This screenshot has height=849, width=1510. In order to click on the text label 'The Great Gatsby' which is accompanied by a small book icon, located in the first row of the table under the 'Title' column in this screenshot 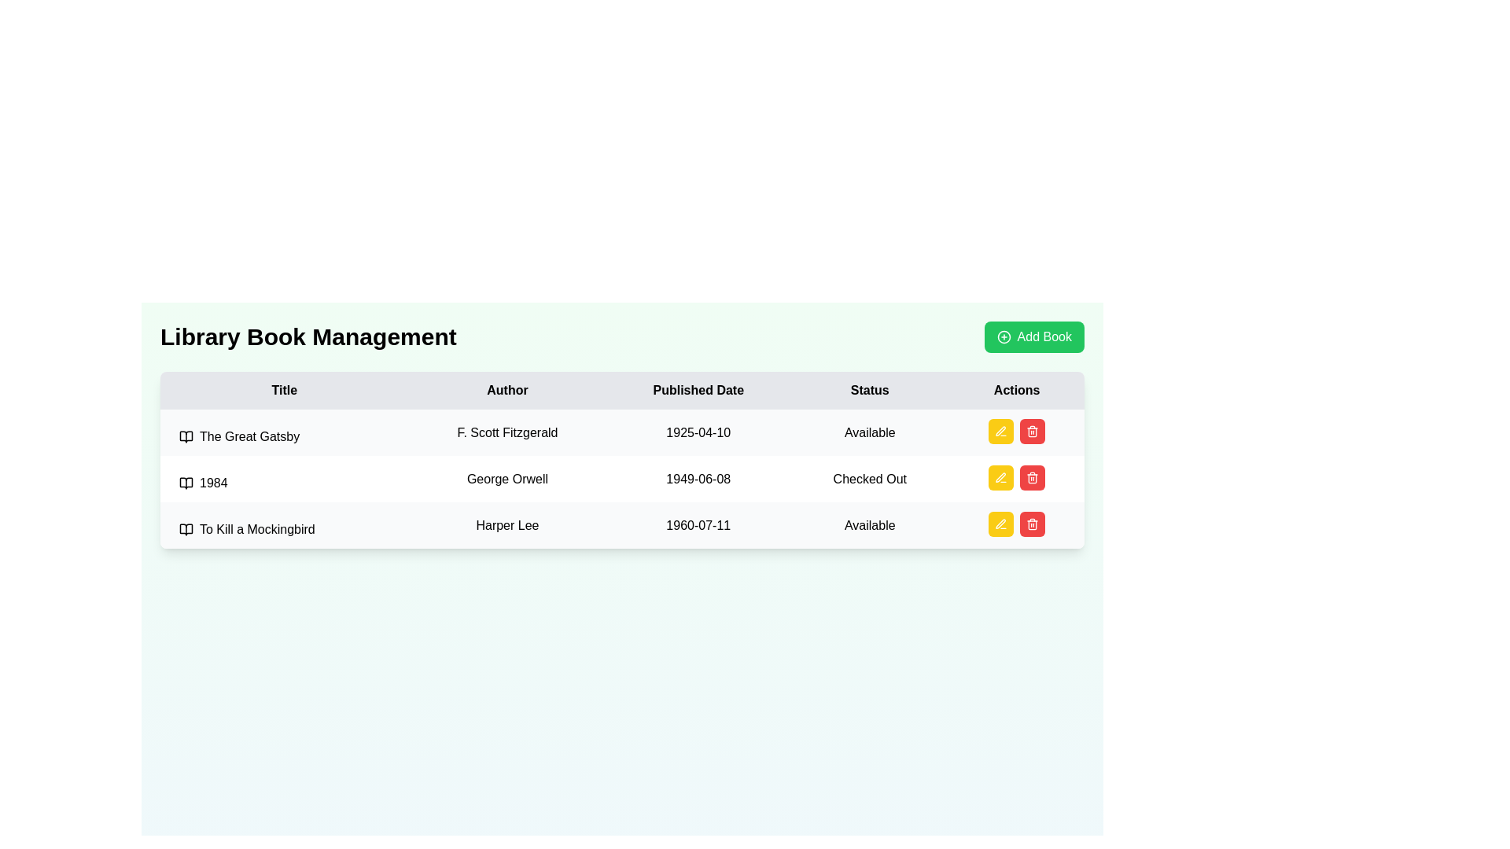, I will do `click(284, 436)`.